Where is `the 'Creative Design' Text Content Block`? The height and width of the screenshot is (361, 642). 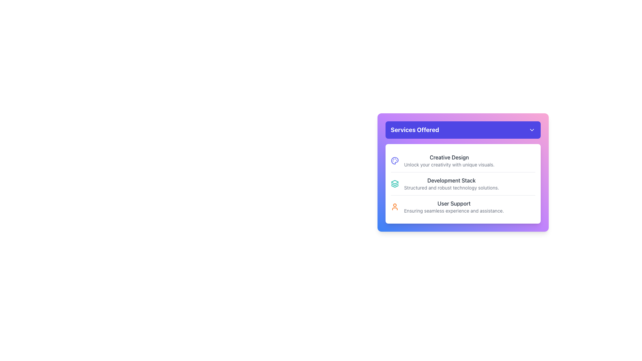
the 'Creative Design' Text Content Block is located at coordinates (449, 161).